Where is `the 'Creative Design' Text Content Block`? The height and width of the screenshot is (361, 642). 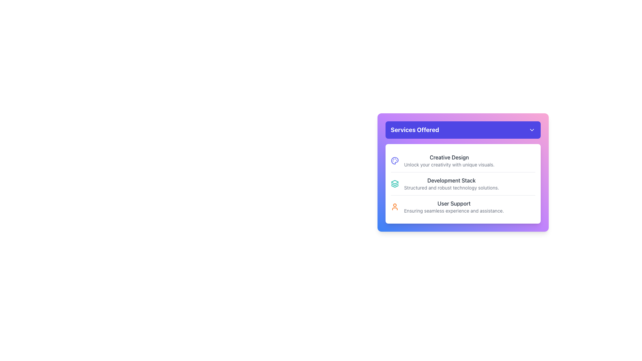
the 'Creative Design' Text Content Block is located at coordinates (449, 161).